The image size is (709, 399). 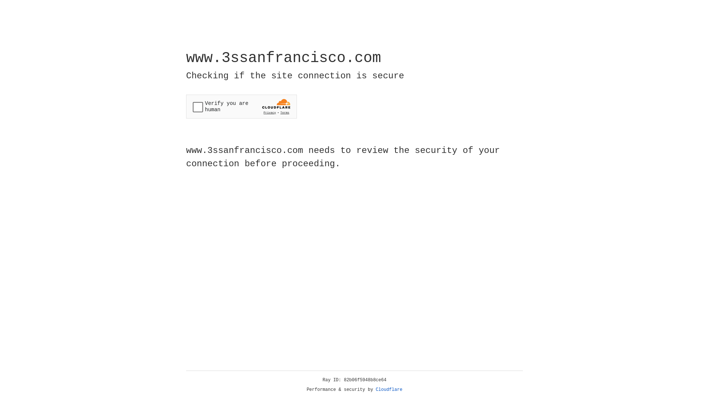 What do you see at coordinates (389, 389) in the screenshot?
I see `'Cloudflare'` at bounding box center [389, 389].